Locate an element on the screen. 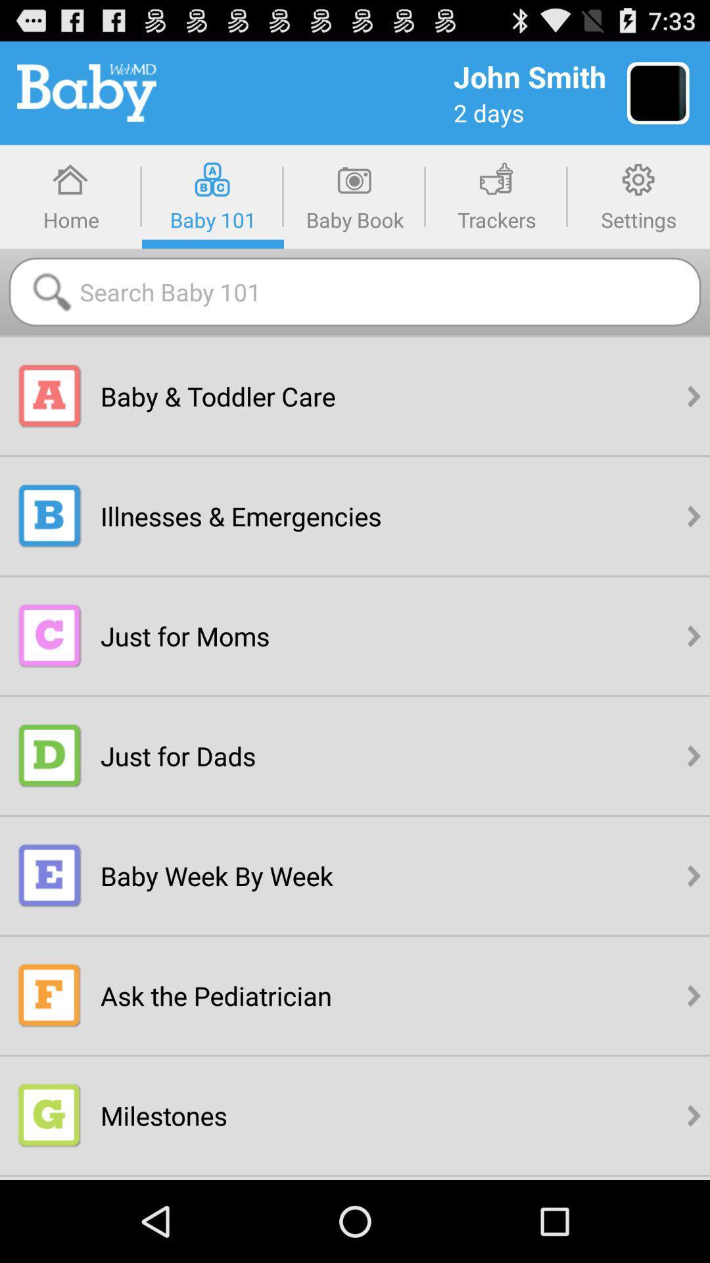  c which is just beside the just for moms is located at coordinates (49, 635).